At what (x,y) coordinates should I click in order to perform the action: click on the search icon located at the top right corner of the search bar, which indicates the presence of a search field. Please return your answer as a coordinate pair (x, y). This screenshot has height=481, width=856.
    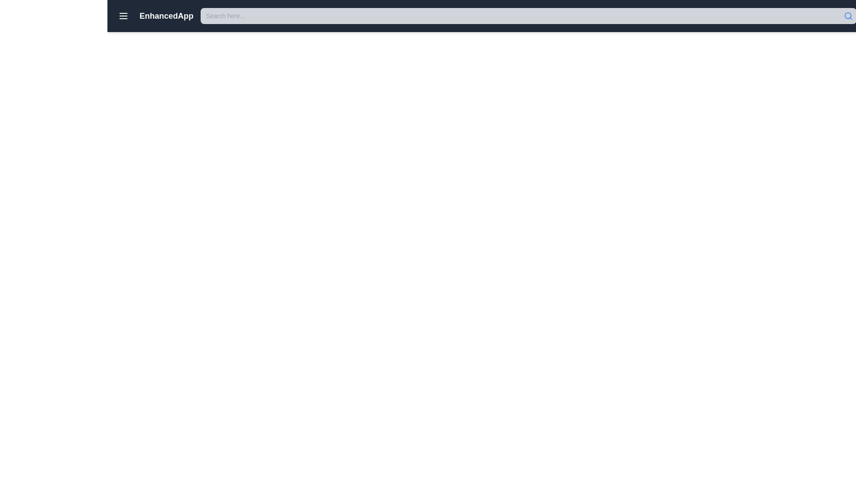
    Looking at the image, I should click on (848, 16).